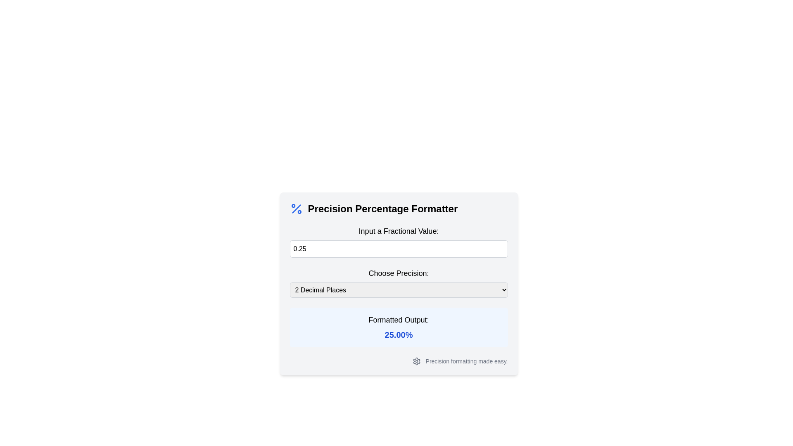  Describe the element at coordinates (296, 208) in the screenshot. I see `the blue percentage icon located to the left of the bold text 'Precision Percentage Formatter'` at that location.